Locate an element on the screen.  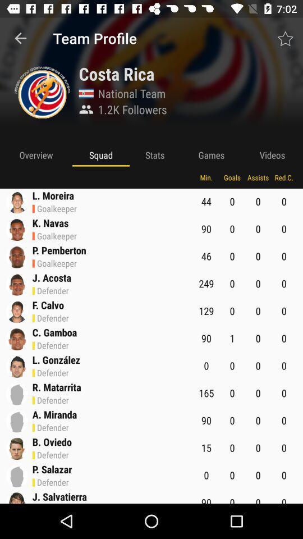
games app is located at coordinates (211, 154).